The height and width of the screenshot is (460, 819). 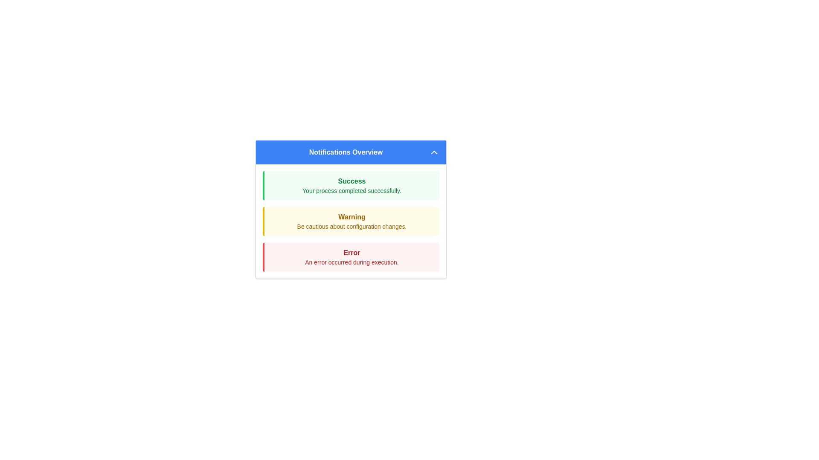 What do you see at coordinates (352, 181) in the screenshot?
I see `the header text label of the notification indicating a successful operation, located above the message 'Your process completed successfully'` at bounding box center [352, 181].